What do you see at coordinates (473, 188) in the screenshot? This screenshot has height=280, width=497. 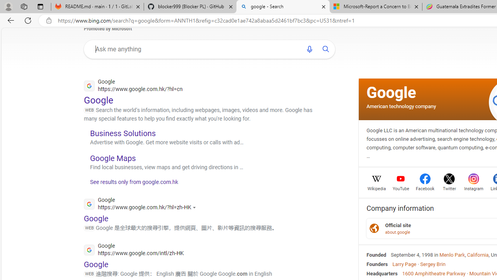 I see `'Instagram'` at bounding box center [473, 188].